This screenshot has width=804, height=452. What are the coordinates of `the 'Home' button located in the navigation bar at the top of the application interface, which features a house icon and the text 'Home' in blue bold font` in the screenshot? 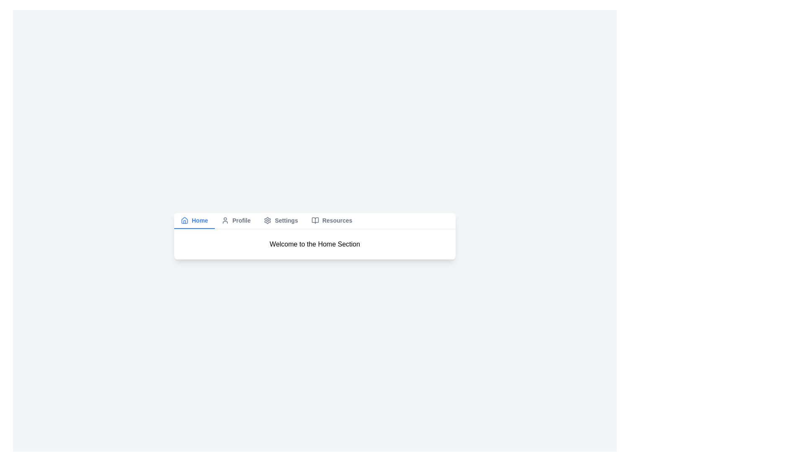 It's located at (194, 220).